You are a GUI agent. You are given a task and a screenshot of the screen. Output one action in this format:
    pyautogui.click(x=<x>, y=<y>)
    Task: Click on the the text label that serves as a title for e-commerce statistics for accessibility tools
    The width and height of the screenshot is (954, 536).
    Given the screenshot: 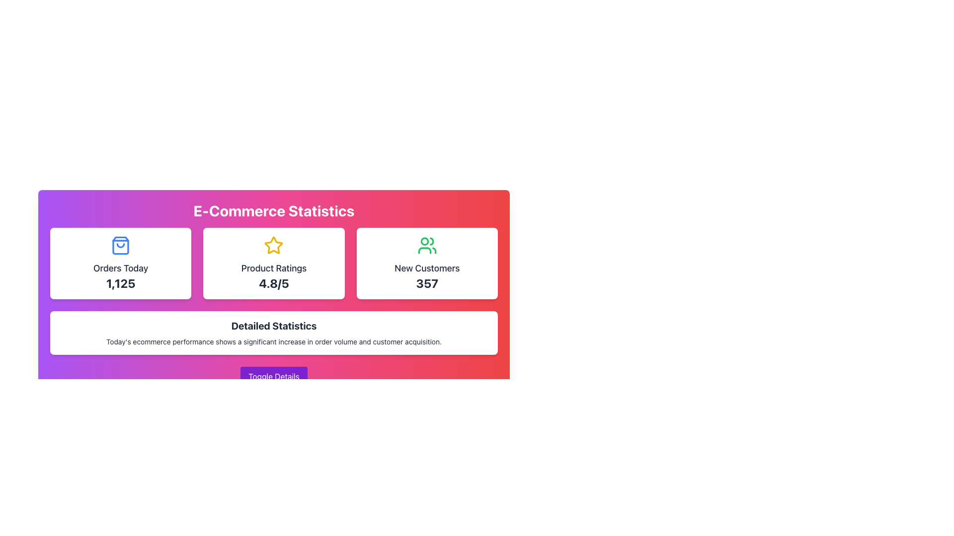 What is the action you would take?
    pyautogui.click(x=274, y=326)
    